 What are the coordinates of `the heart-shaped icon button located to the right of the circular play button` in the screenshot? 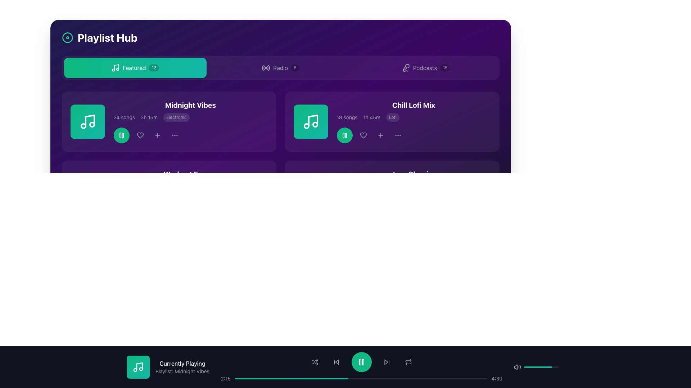 It's located at (363, 135).